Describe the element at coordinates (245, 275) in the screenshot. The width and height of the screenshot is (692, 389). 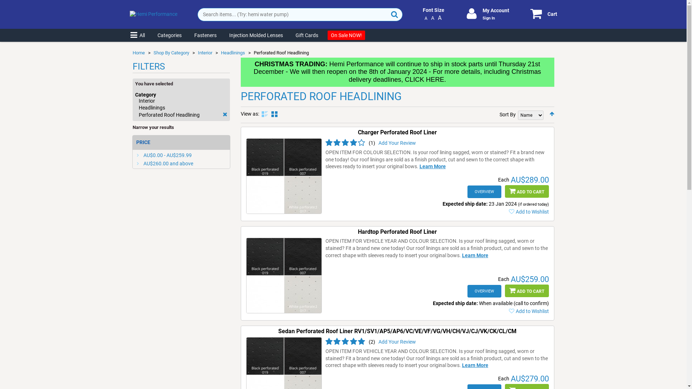
I see `'Hardtop Perforated Roof Liner'` at that location.